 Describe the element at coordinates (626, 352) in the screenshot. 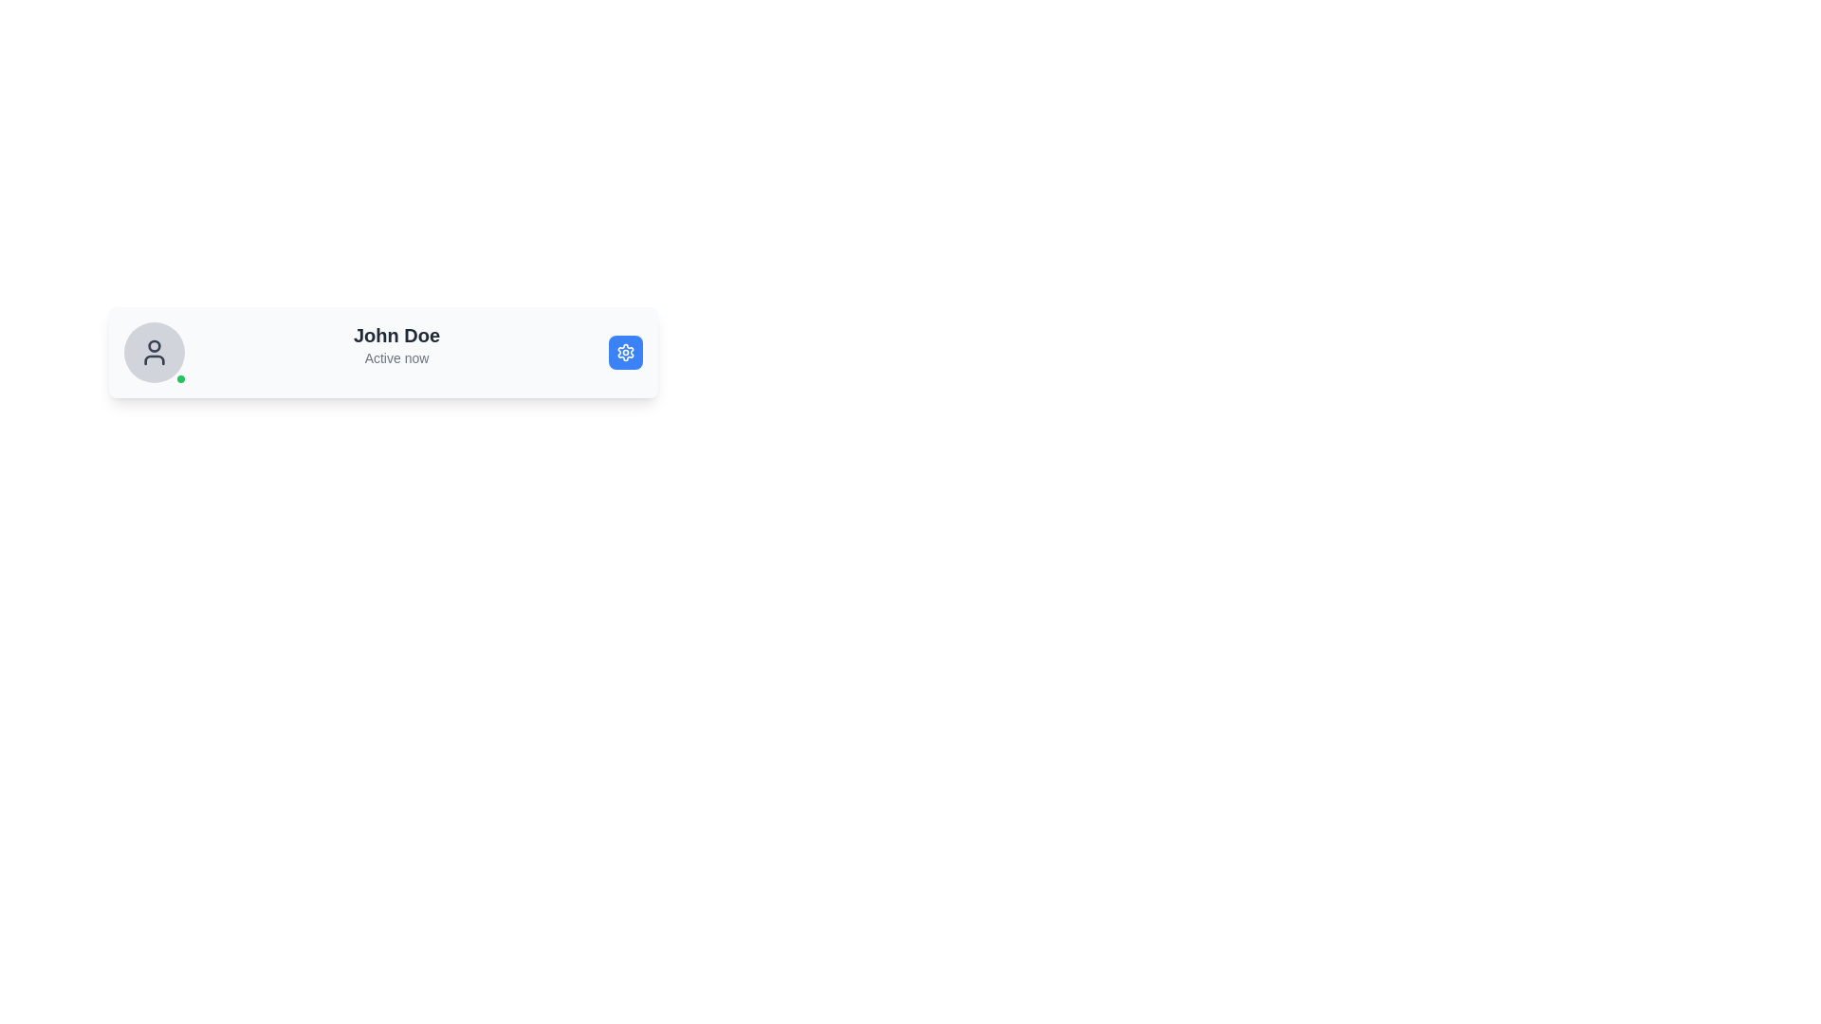

I see `the blue rectangular button with rounded corners that contains a white settings gear icon, located at the far right end of the component` at that location.